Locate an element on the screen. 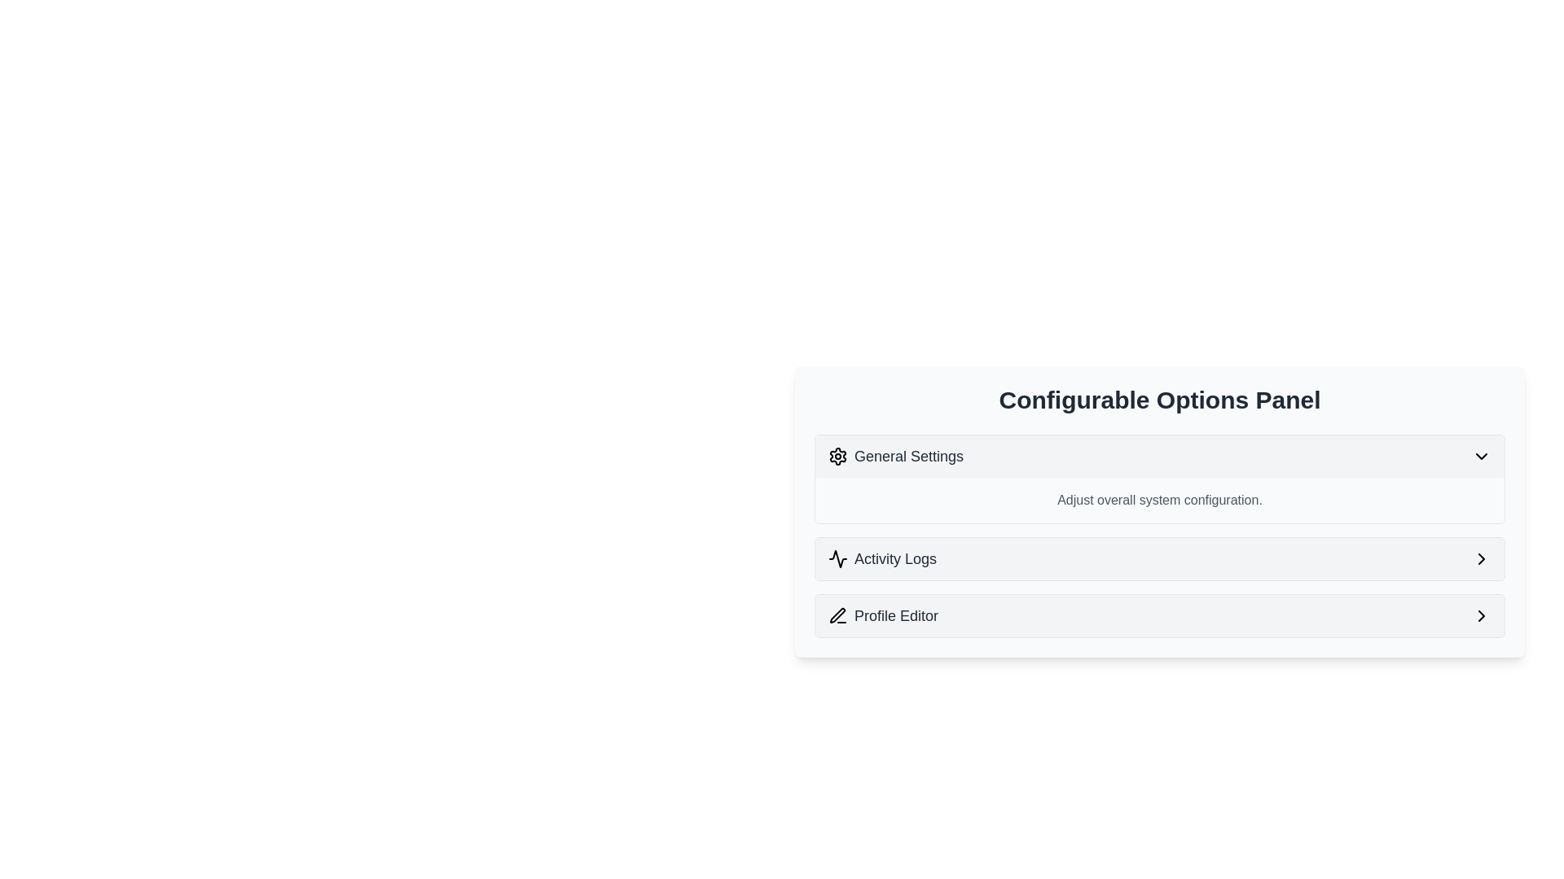 The image size is (1564, 879). the chevron icon next to the 'General Settings' button is located at coordinates (1482, 456).